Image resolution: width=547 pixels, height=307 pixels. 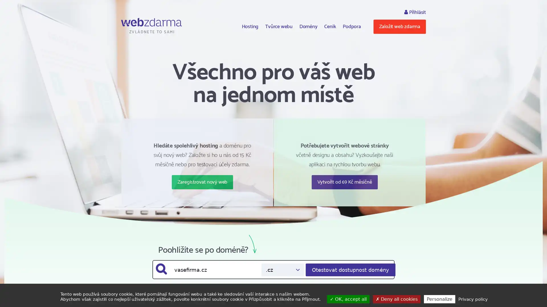 I want to click on Personalize (modal window), so click(x=439, y=299).